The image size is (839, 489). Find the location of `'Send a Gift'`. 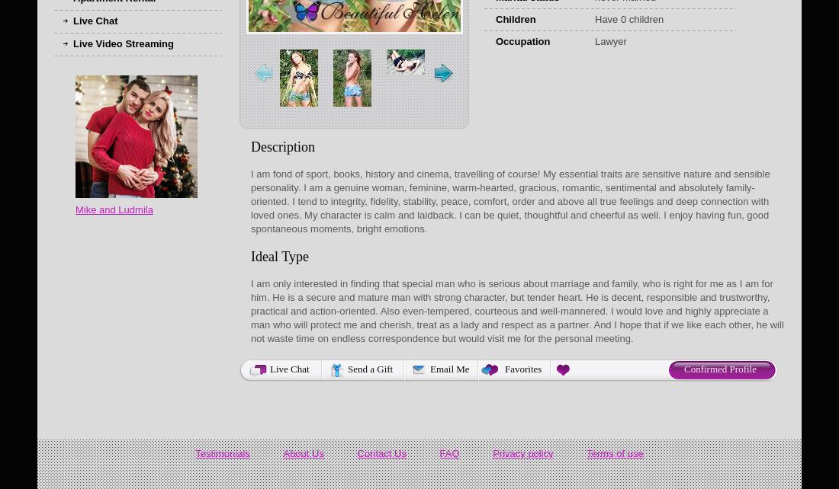

'Send a Gift' is located at coordinates (370, 368).